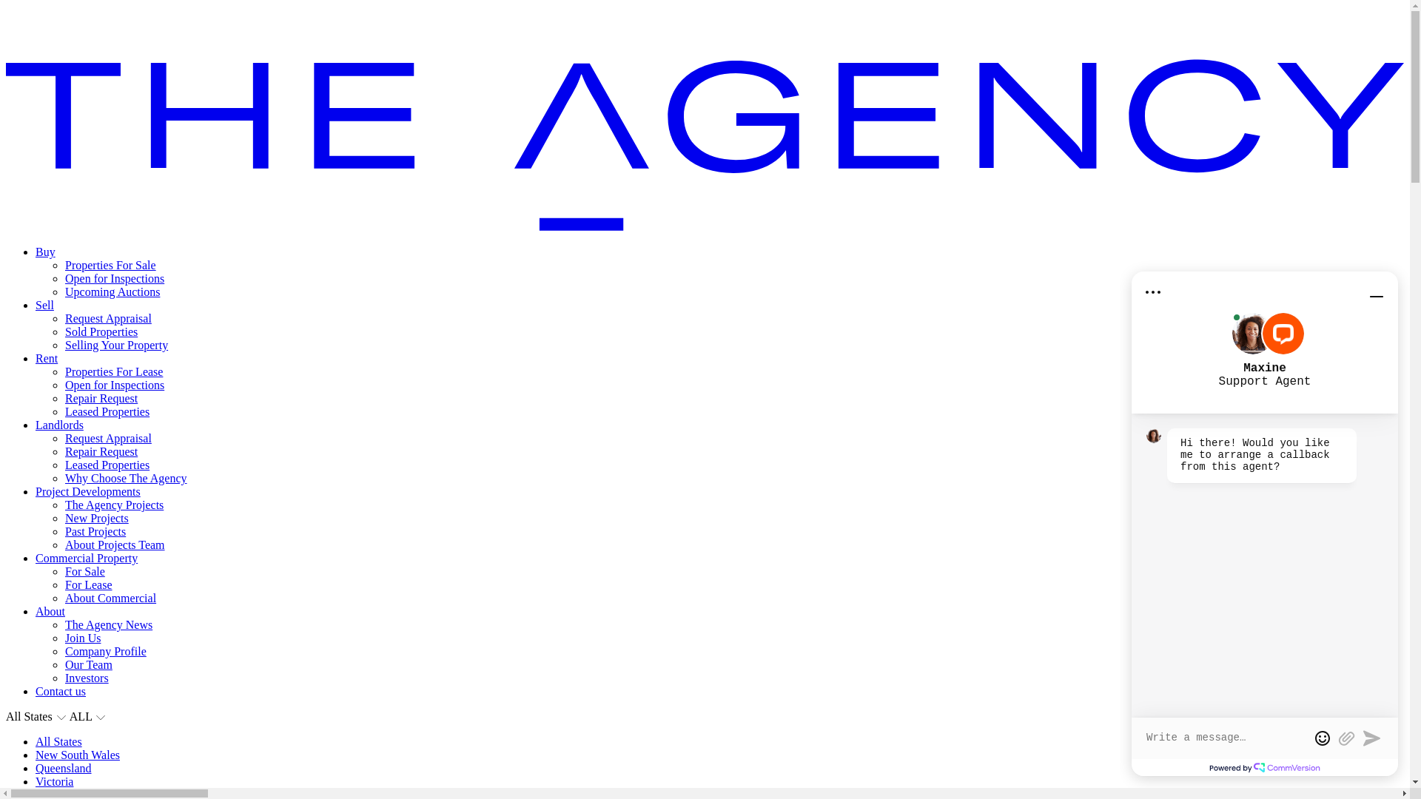  Describe the element at coordinates (95, 517) in the screenshot. I see `'New Projects'` at that location.